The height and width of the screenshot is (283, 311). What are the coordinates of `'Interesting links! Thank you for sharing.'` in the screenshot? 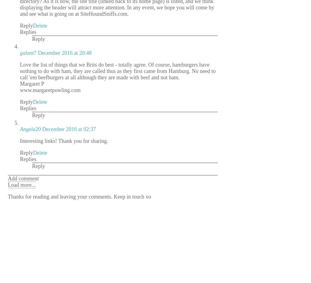 It's located at (64, 140).